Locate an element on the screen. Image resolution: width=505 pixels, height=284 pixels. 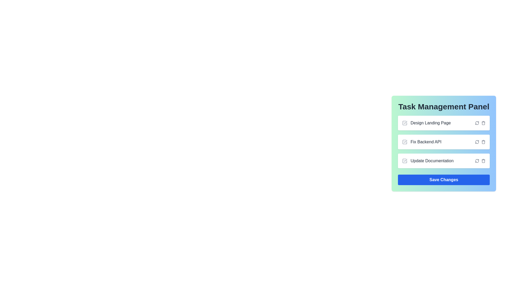
the checkbox of the second task in the task management panel to mark it as done is located at coordinates (443, 142).